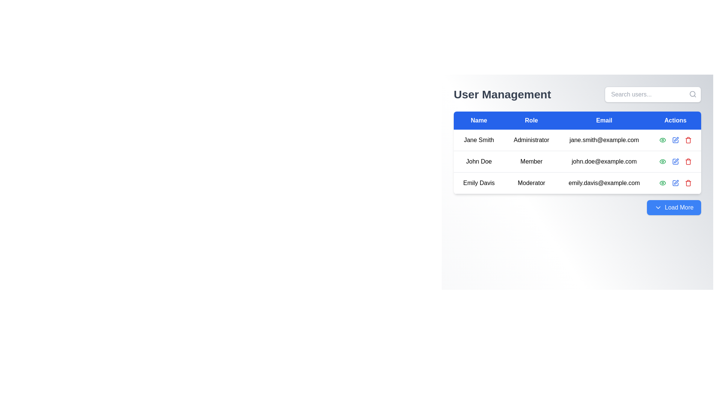  Describe the element at coordinates (604, 140) in the screenshot. I see `the Text Display Field containing the email address 'jane.smith@example.com', which is located in the 'Email' column of the first row in a table layout` at that location.